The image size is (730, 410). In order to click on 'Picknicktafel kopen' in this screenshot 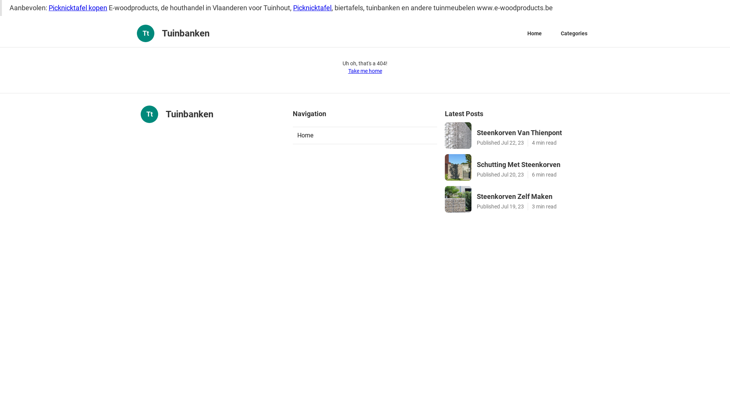, I will do `click(48, 8)`.